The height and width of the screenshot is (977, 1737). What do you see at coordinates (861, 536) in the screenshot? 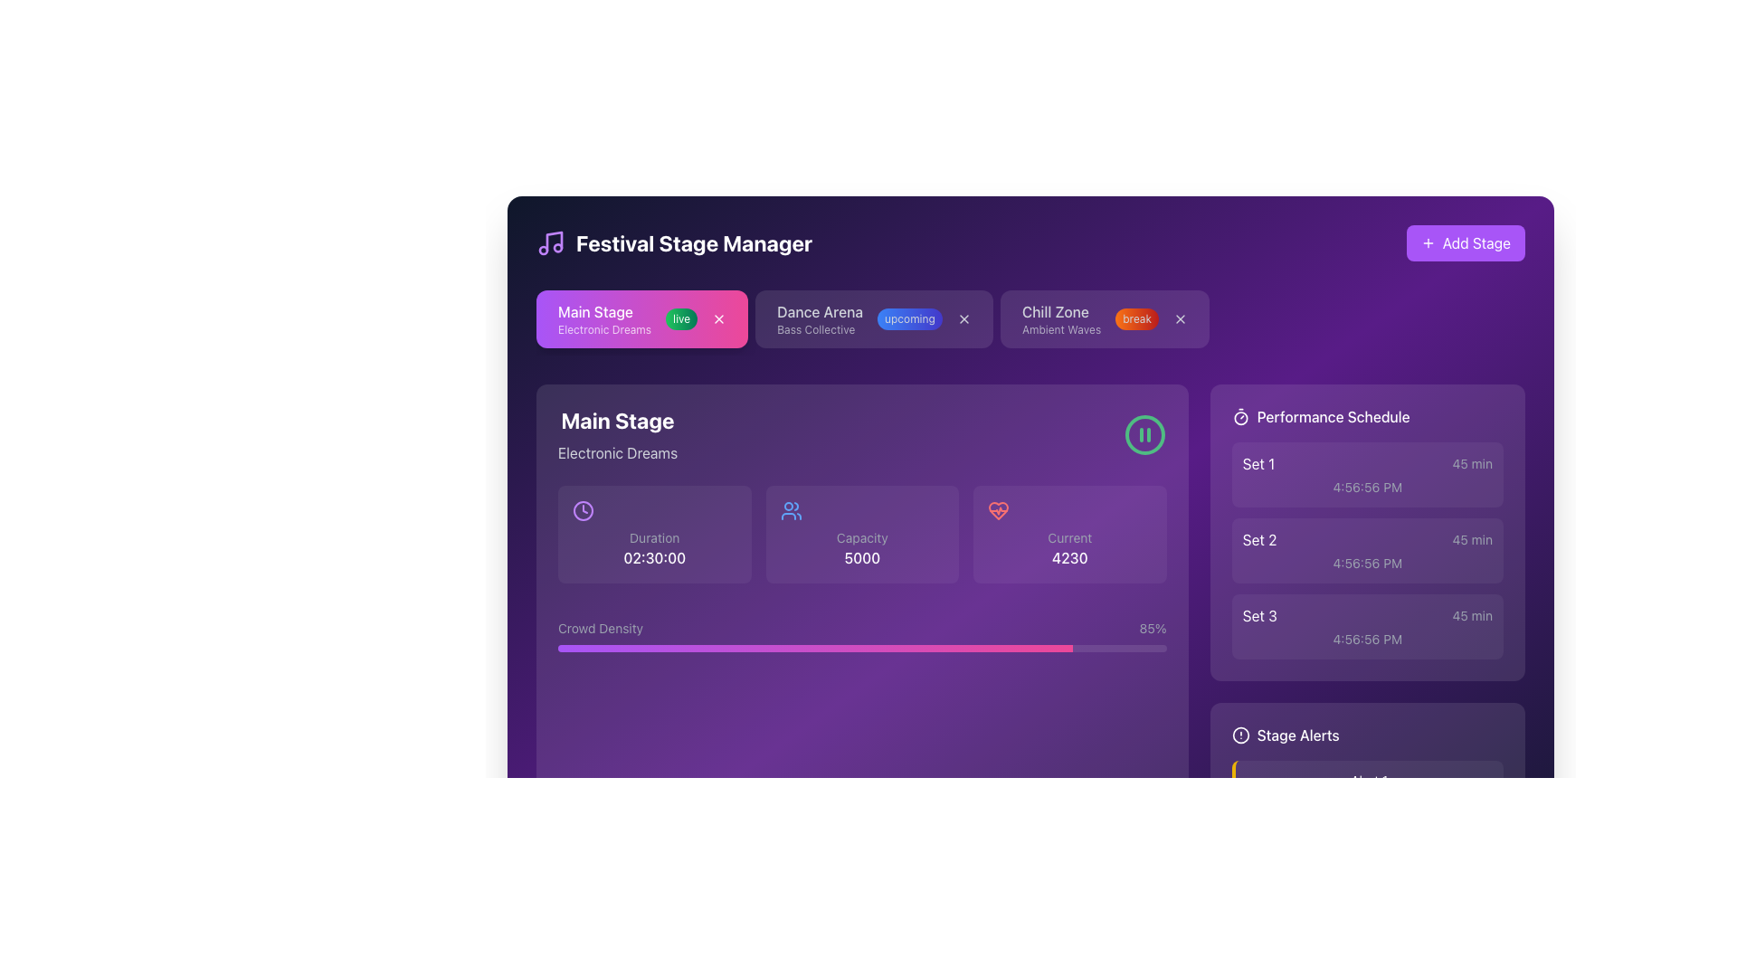
I see `the 'Capacity' label, which is displayed in small, gray font above the numerical value '5000' in a card with rounded corners` at bounding box center [861, 536].